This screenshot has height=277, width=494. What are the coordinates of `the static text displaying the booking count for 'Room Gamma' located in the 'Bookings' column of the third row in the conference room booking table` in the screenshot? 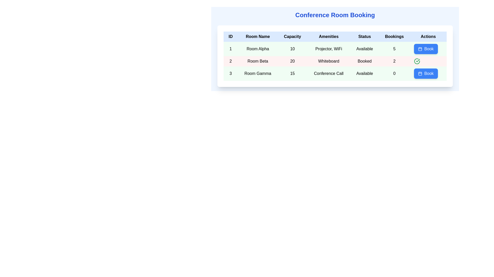 It's located at (394, 73).